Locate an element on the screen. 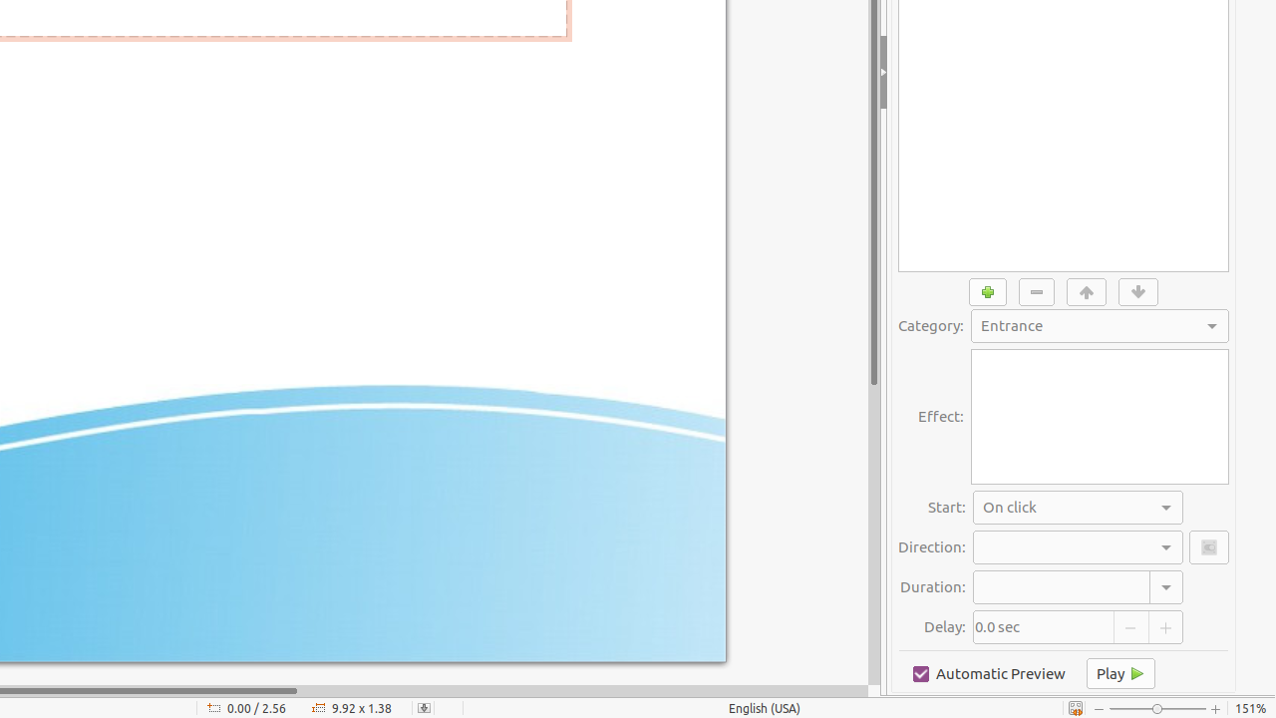 Image resolution: width=1276 pixels, height=718 pixels. 'Automatic Preview' is located at coordinates (989, 673).